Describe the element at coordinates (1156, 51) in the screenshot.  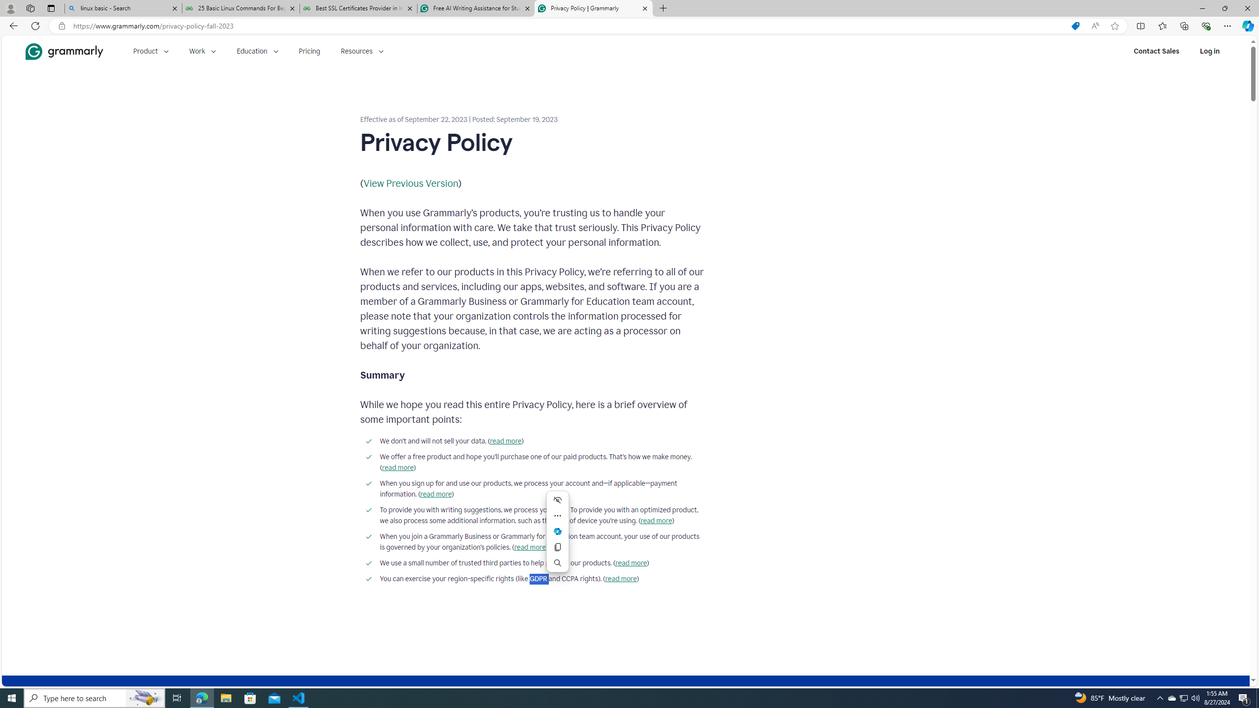
I see `'Contact Sales'` at that location.